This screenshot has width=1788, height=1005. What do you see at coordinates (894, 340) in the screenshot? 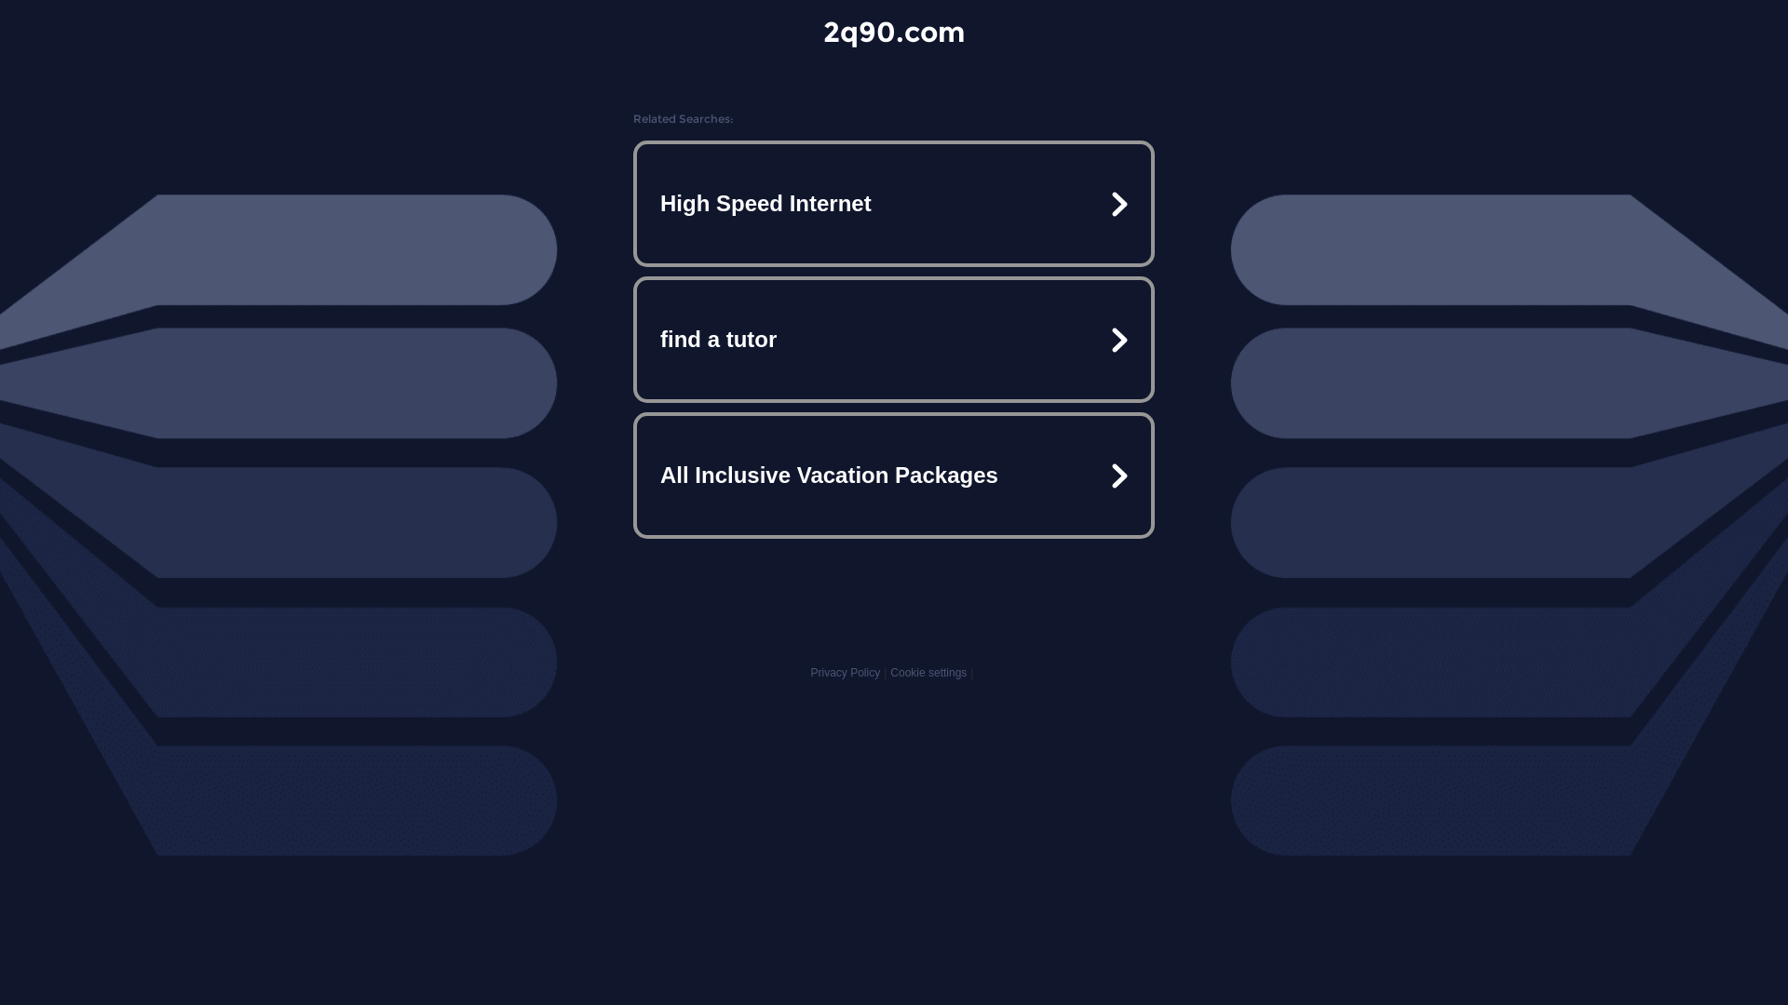
I see `'find a tutor'` at bounding box center [894, 340].